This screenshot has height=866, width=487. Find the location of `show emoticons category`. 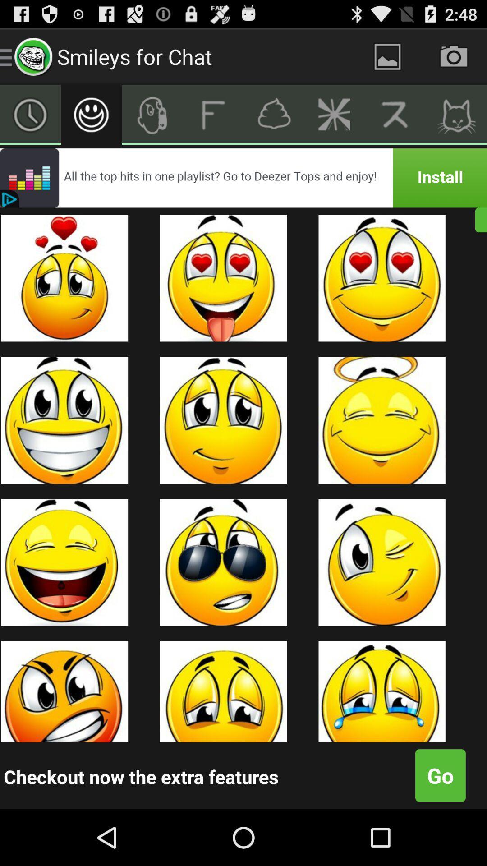

show emoticons category is located at coordinates (91, 114).